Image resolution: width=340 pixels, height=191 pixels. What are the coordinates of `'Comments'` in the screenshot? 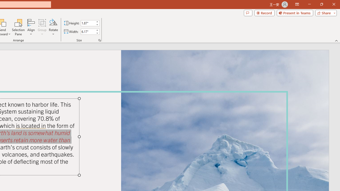 It's located at (248, 12).